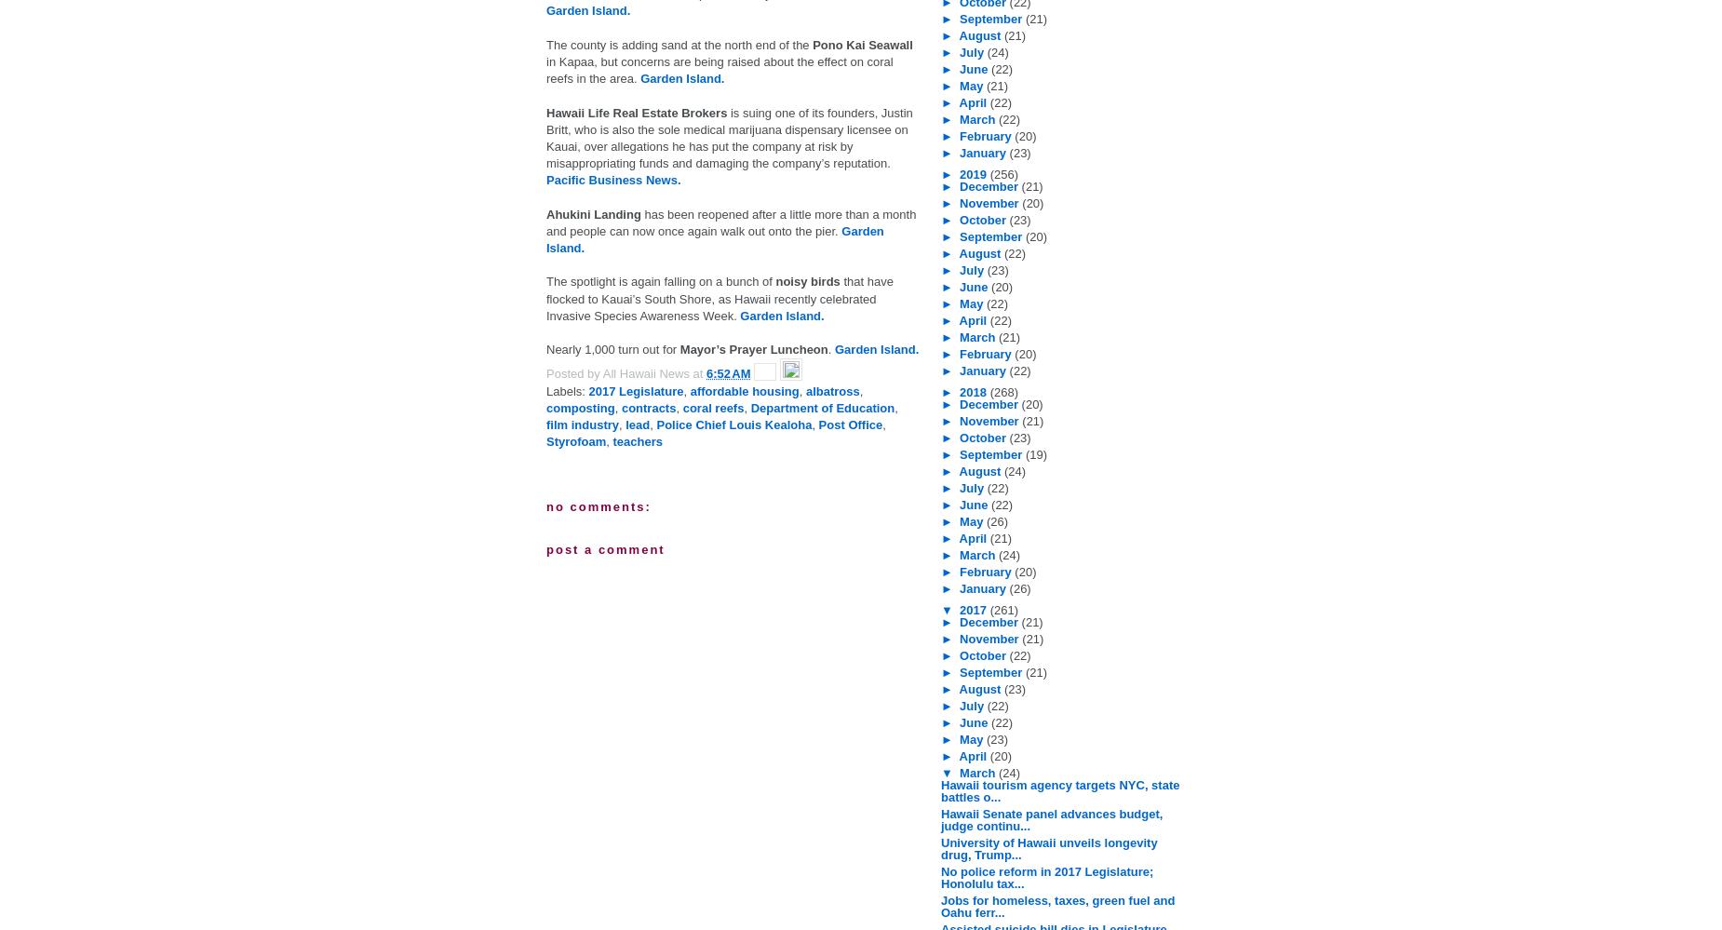  I want to click on 'noisy birds', so click(807, 280).